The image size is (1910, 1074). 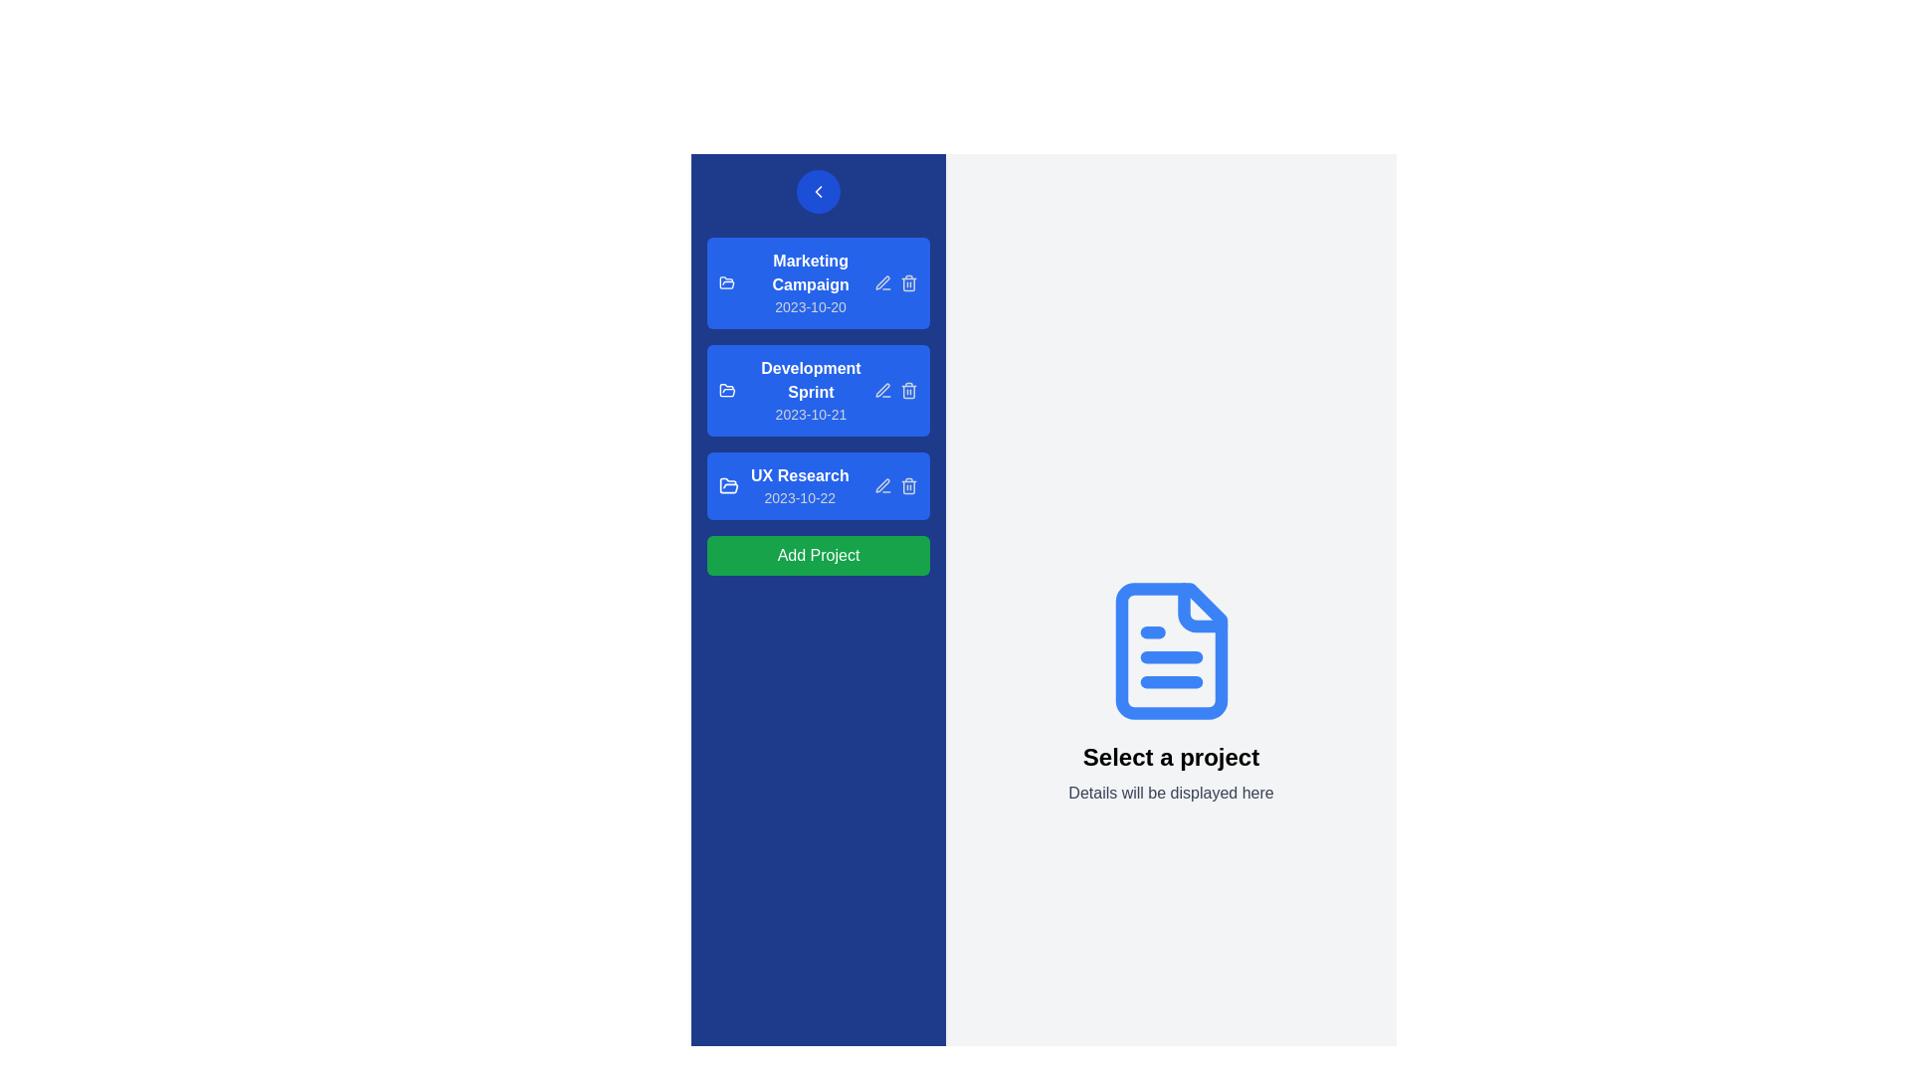 What do you see at coordinates (818, 379) in the screenshot?
I see `to select the project titled 'Development Sprint' listed in the interactive sidebar, positioned below 'Marketing Campaign' and above 'UX Research'` at bounding box center [818, 379].